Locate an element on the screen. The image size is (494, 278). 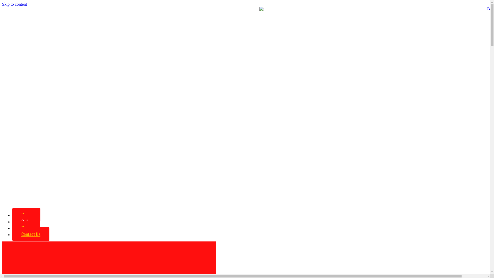
'Contact Us' is located at coordinates (31, 234).